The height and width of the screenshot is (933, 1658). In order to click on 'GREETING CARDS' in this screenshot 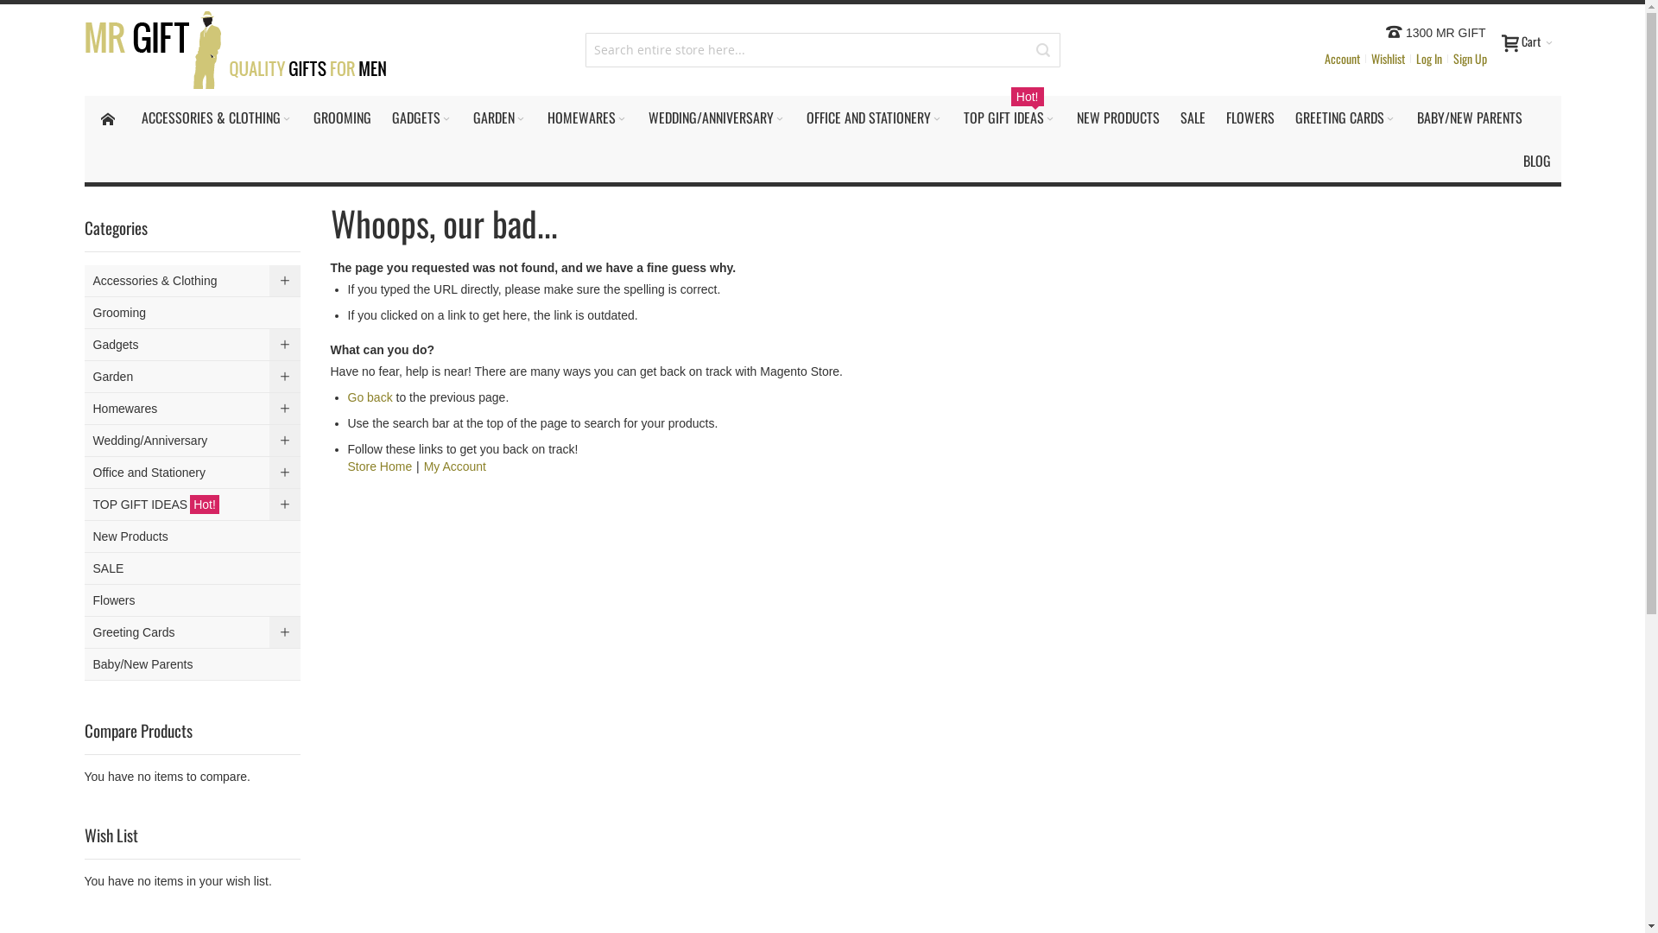, I will do `click(1285, 117)`.